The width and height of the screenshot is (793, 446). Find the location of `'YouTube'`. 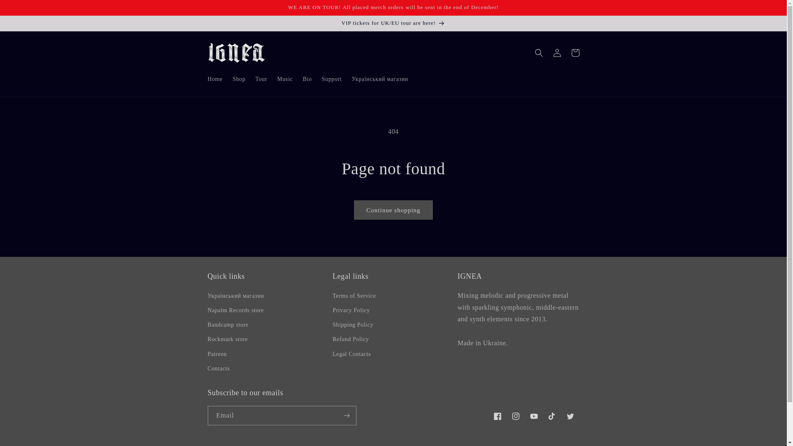

'YouTube' is located at coordinates (533, 416).